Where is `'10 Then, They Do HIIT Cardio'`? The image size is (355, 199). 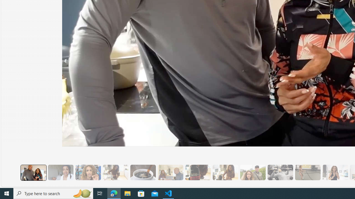
'10 Then, They Do HIIT Cardio' is located at coordinates (307, 172).